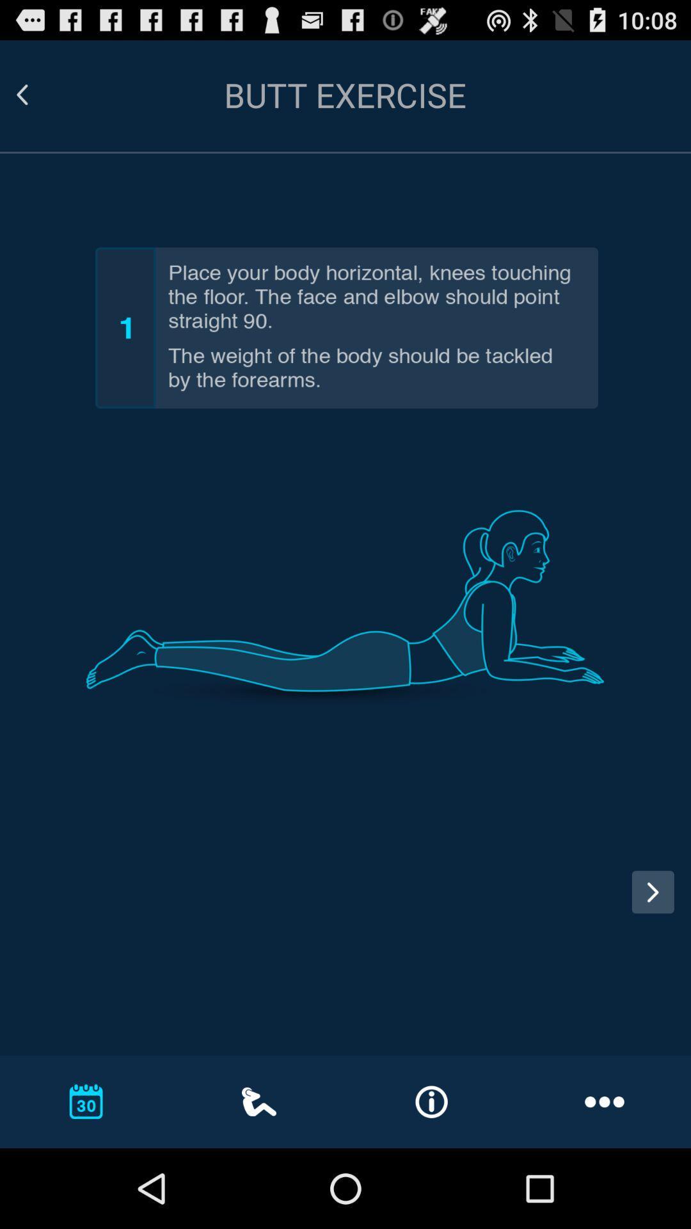 The height and width of the screenshot is (1229, 691). What do you see at coordinates (657, 968) in the screenshot?
I see `the arrow_forward icon` at bounding box center [657, 968].